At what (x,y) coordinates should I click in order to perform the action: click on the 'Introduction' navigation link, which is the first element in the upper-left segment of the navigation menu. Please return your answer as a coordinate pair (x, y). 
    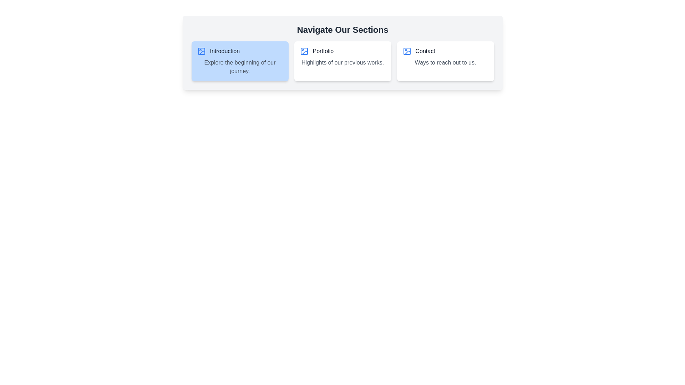
    Looking at the image, I should click on (240, 51).